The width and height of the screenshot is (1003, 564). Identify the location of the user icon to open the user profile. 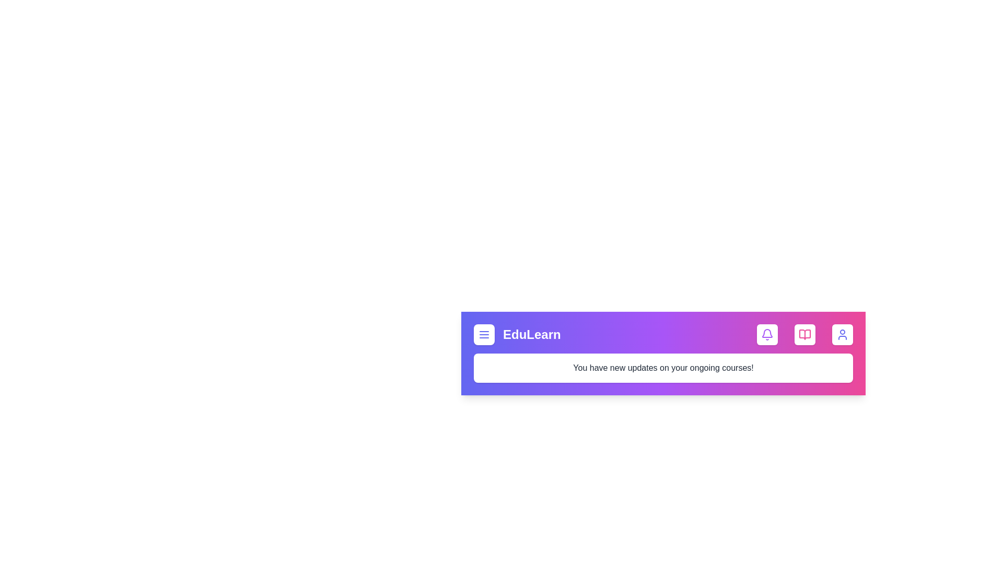
(842, 334).